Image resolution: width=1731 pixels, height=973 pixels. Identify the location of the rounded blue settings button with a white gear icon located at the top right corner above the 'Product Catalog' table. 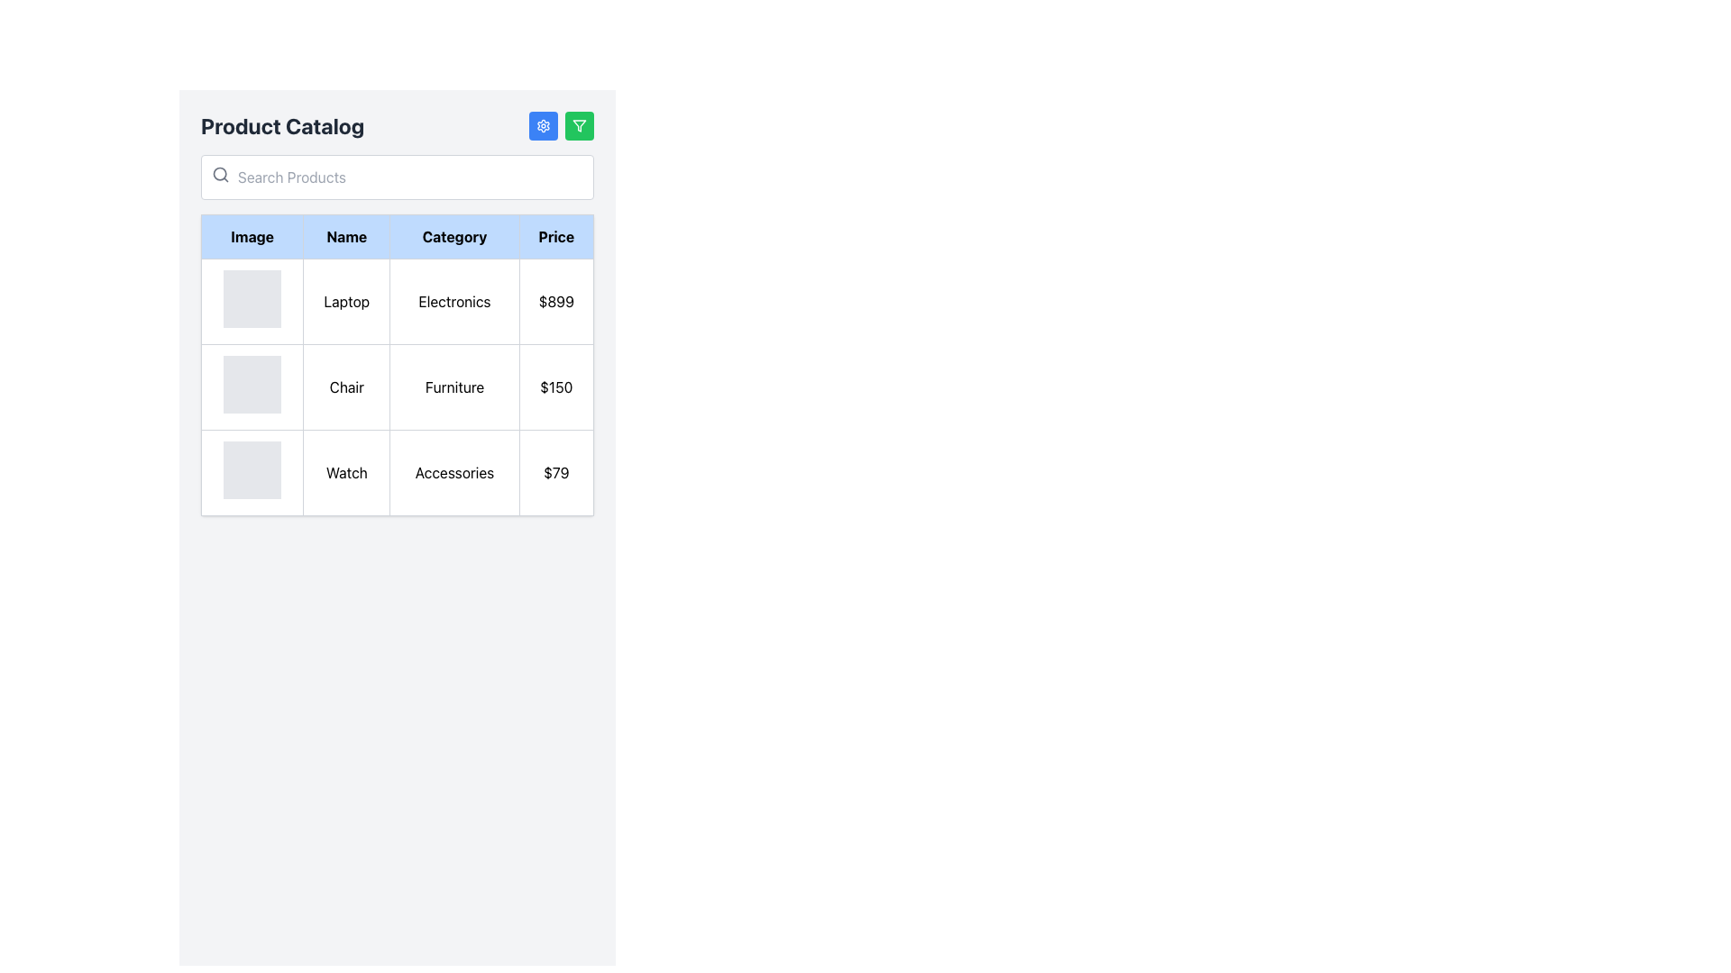
(543, 124).